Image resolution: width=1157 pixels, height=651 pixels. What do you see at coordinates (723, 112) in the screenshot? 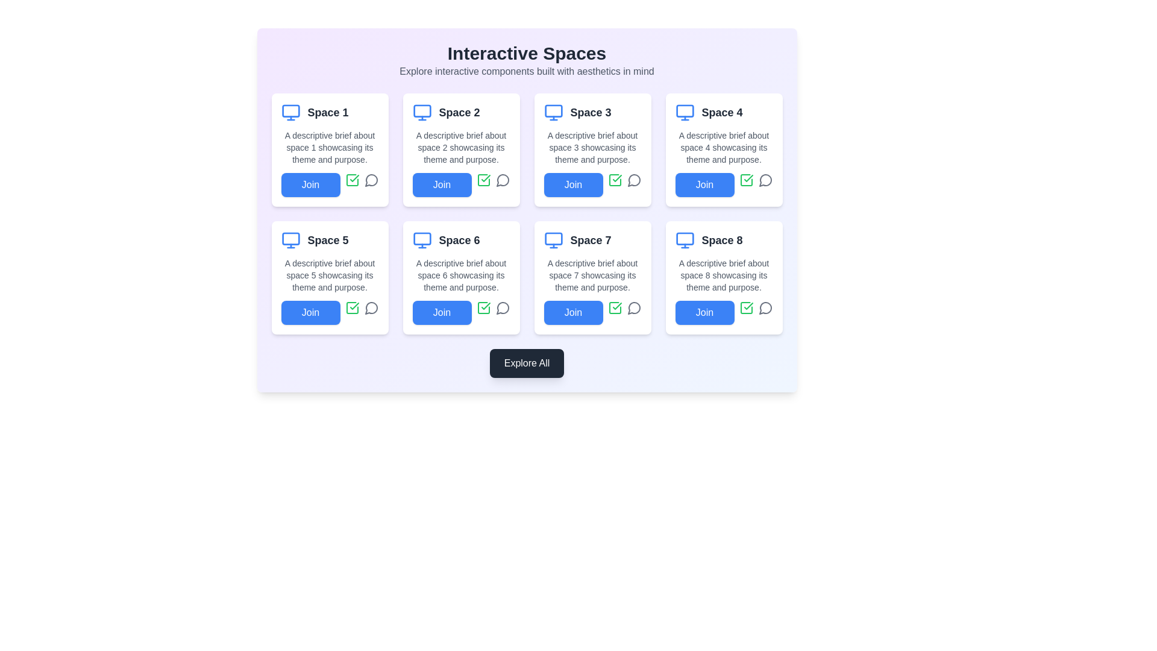
I see `the header element titled 'Space 4' located in the fourth card of the top row` at bounding box center [723, 112].